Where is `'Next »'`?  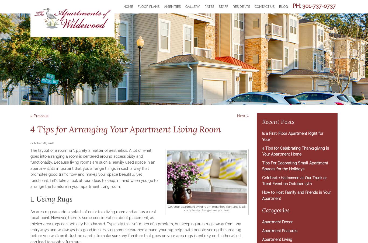 'Next »' is located at coordinates (242, 116).